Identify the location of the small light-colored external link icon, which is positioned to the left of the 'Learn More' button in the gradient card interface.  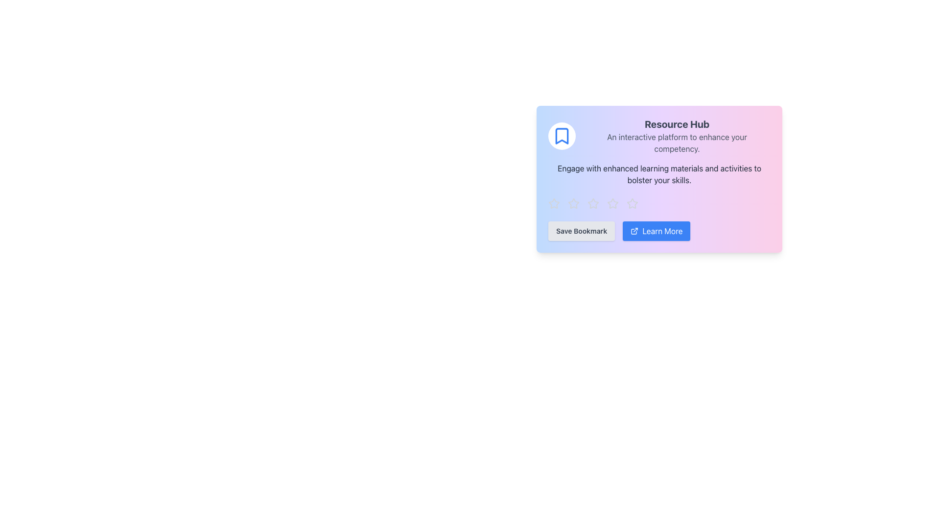
(634, 231).